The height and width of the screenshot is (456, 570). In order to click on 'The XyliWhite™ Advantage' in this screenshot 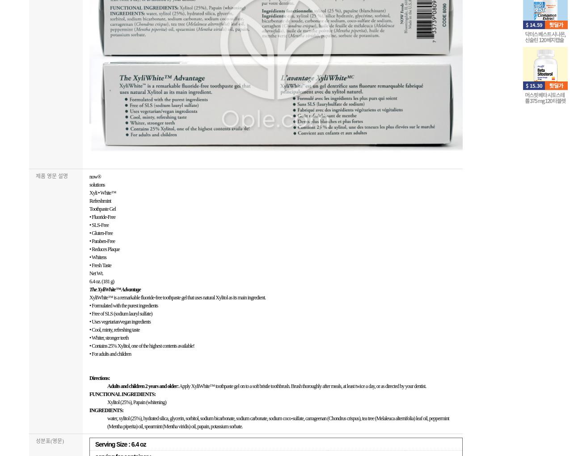, I will do `click(114, 289)`.